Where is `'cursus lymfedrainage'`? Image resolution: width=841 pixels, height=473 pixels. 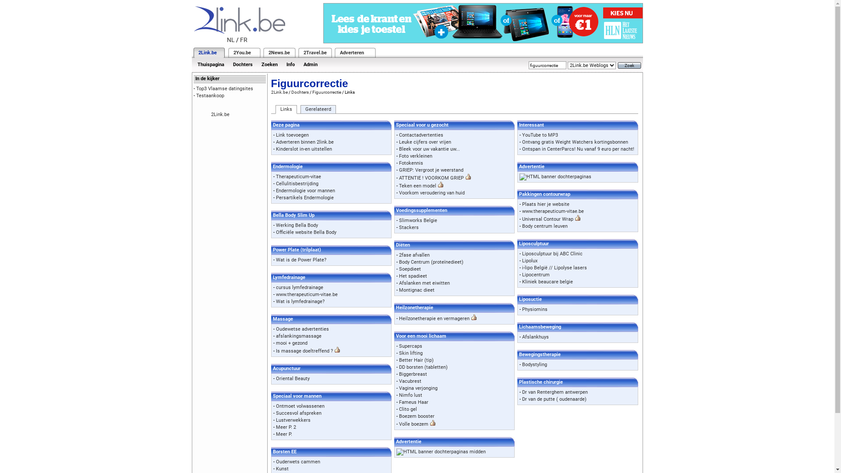 'cursus lymfedrainage' is located at coordinates (300, 287).